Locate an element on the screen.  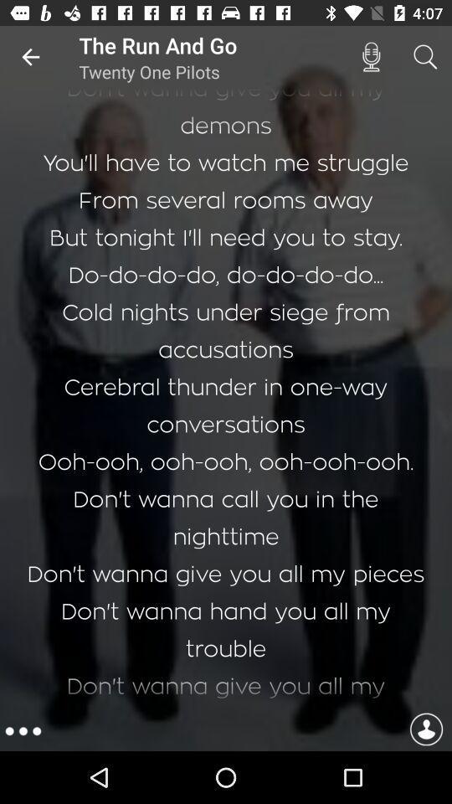
the icon next to the the run and is located at coordinates (30, 57).